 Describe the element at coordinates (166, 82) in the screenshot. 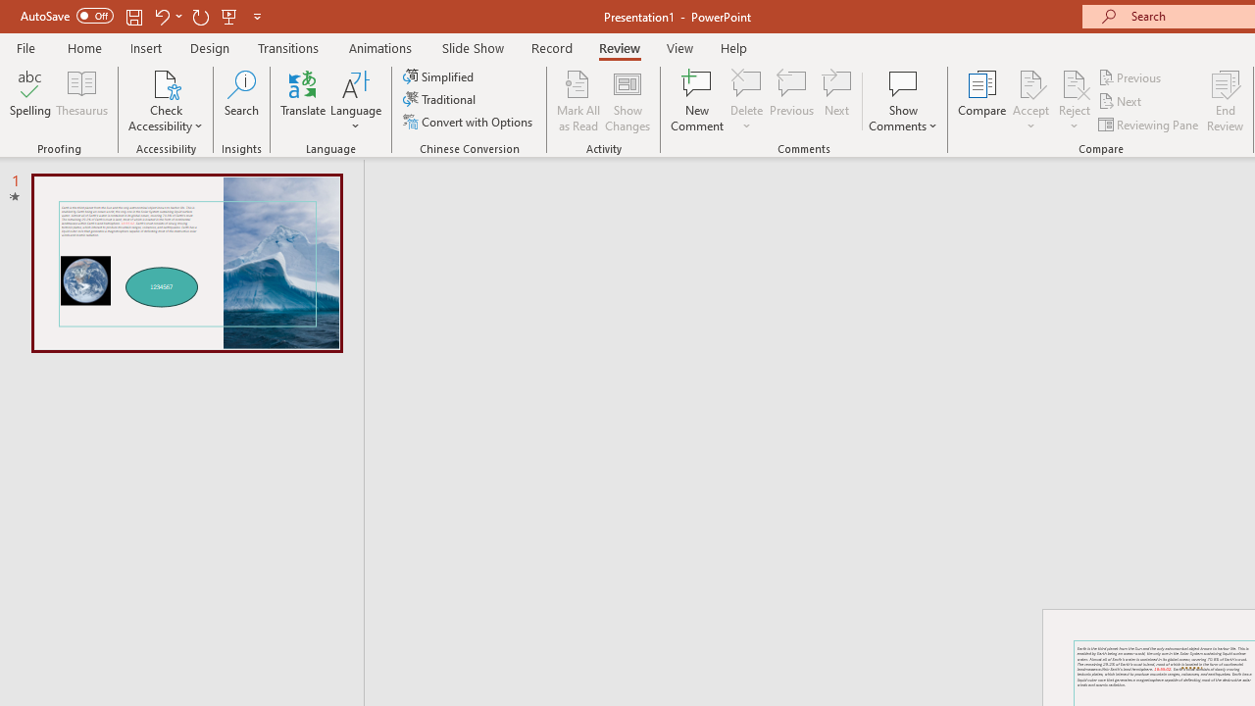

I see `'Check Accessibility'` at that location.